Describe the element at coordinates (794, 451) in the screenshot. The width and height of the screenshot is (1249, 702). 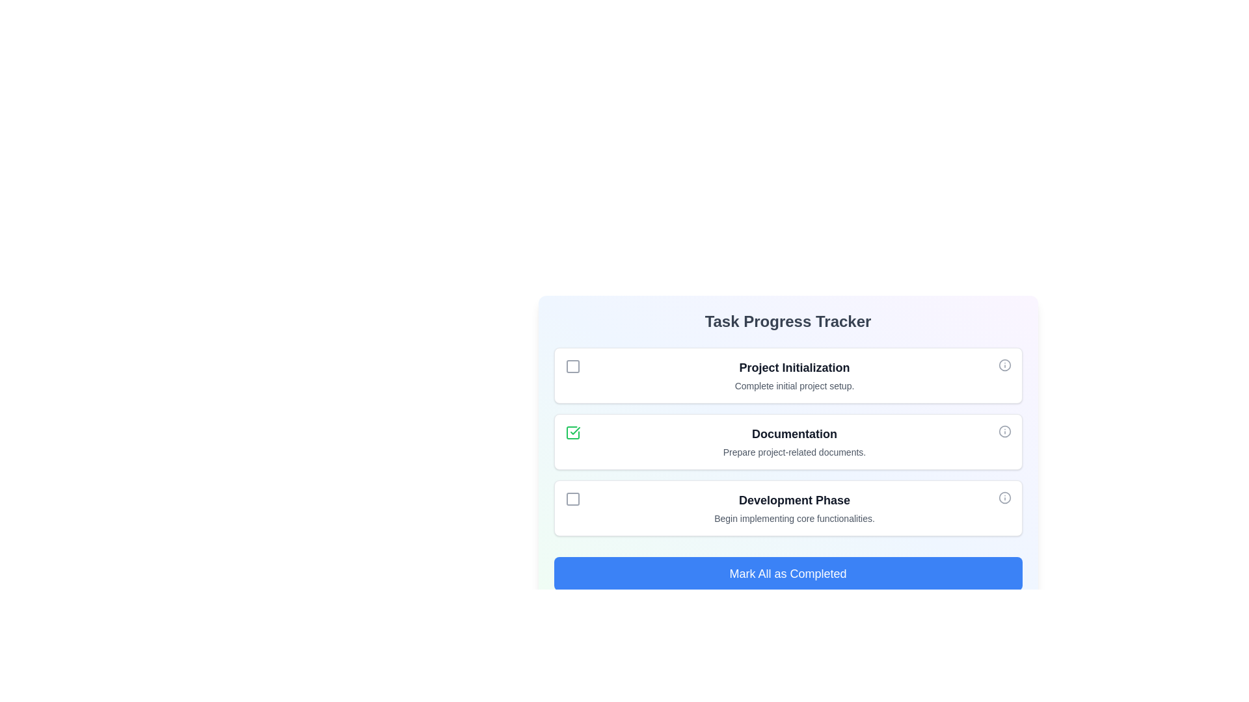
I see `the static text label displaying 'Prepare project-related documents.' which is positioned below the title 'Documentation' in the second task card of a vertical list` at that location.